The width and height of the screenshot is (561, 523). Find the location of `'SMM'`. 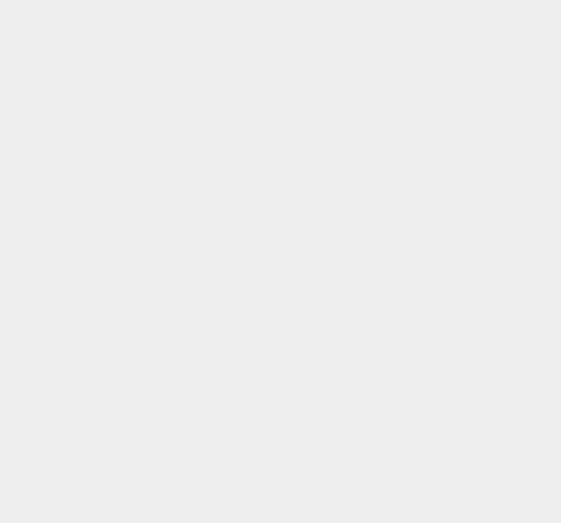

'SMM' is located at coordinates (404, 348).